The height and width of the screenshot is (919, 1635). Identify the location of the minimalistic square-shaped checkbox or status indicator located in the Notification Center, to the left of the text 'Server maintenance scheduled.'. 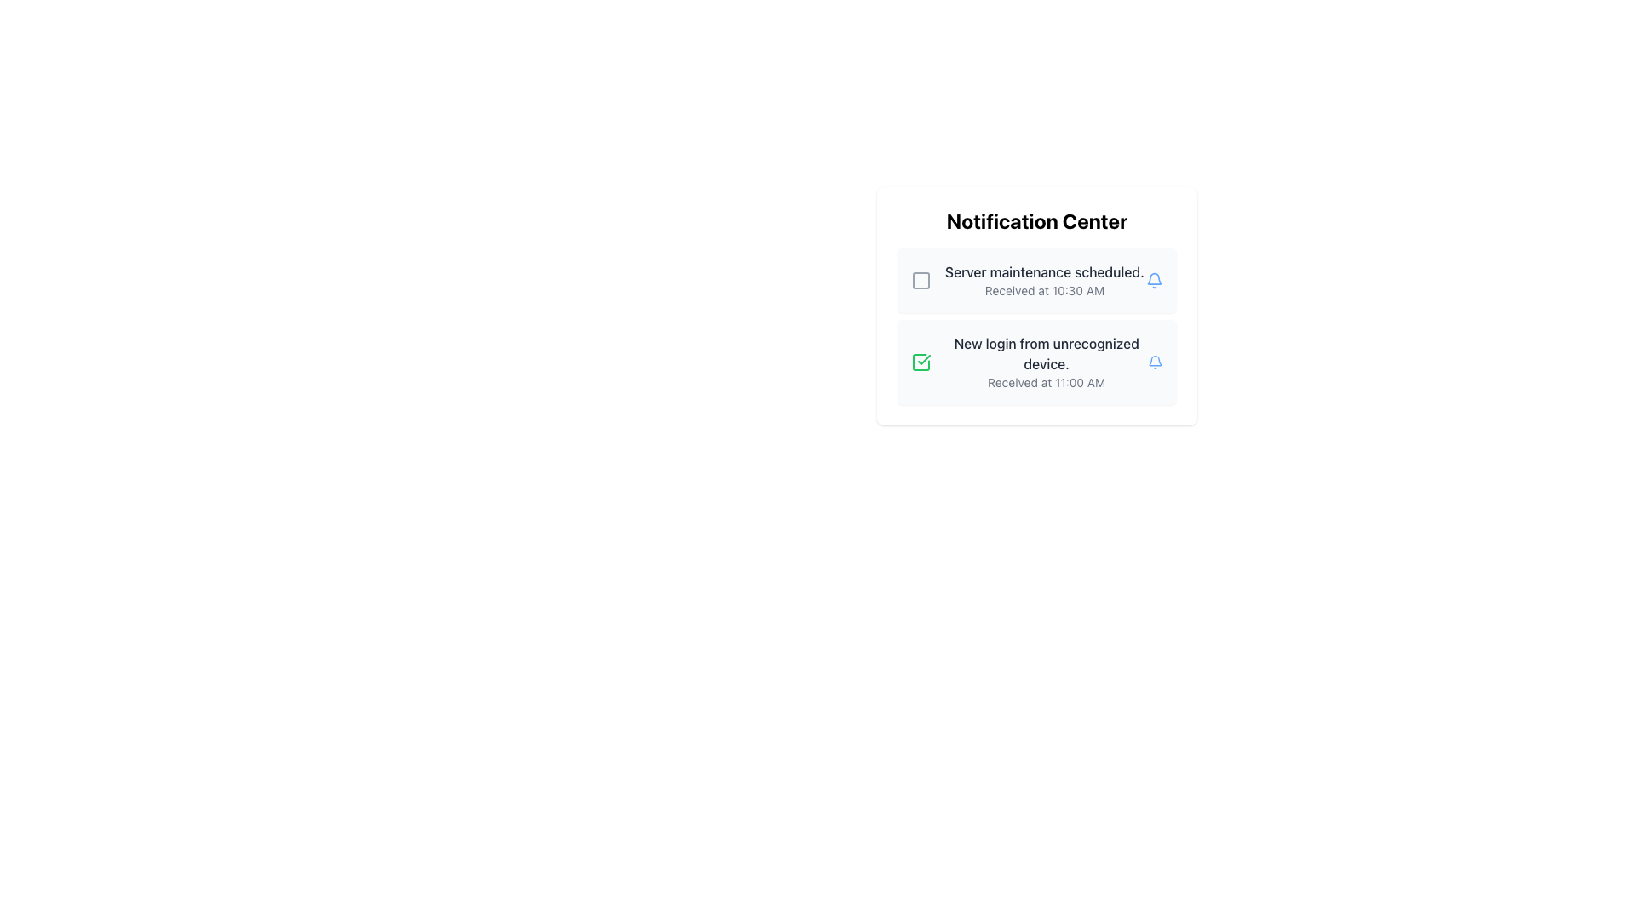
(920, 280).